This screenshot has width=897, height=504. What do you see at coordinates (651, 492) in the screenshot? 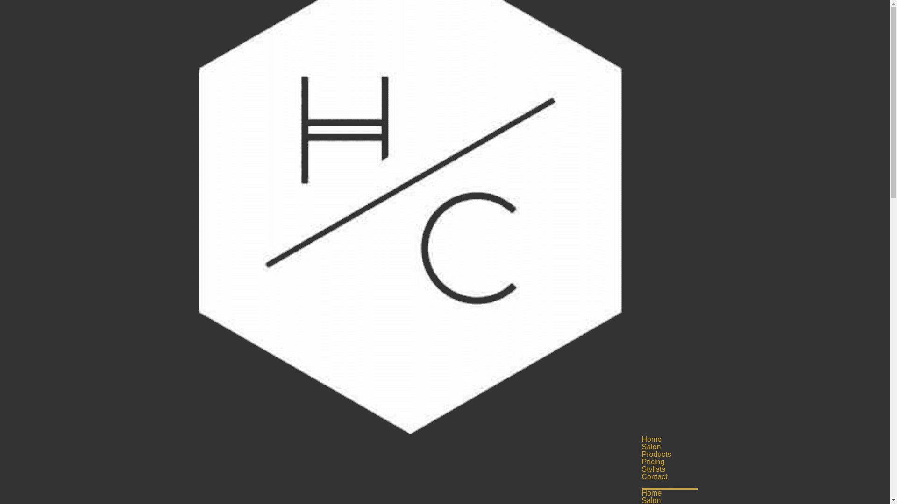
I see `'Home'` at bounding box center [651, 492].